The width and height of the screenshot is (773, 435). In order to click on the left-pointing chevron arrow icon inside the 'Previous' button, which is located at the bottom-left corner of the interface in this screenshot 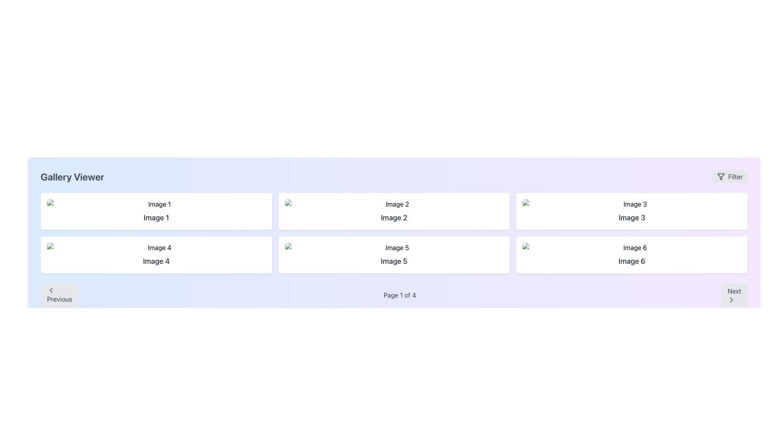, I will do `click(50, 290)`.